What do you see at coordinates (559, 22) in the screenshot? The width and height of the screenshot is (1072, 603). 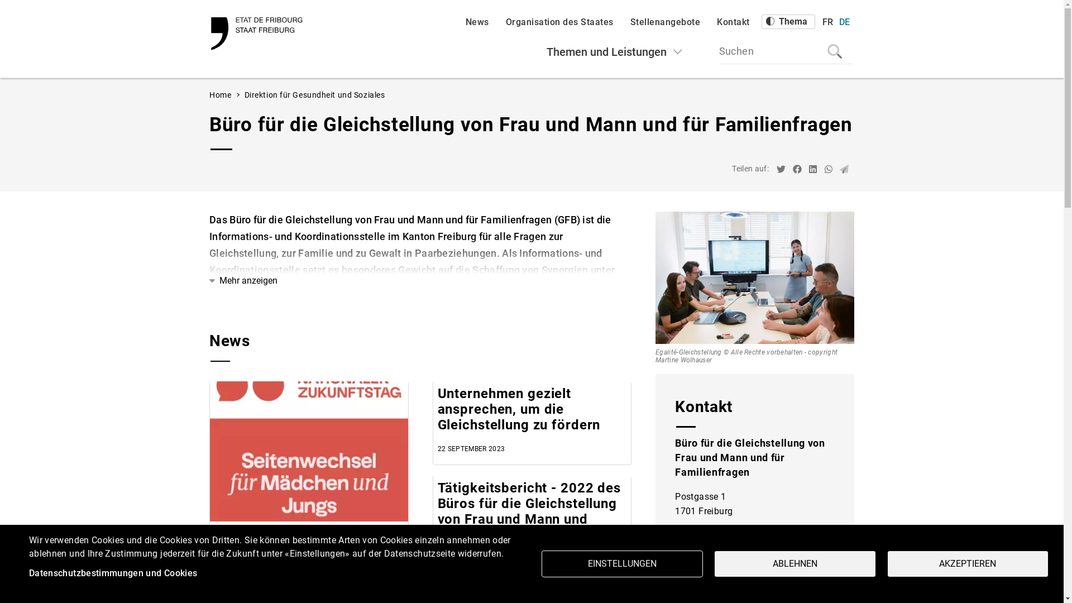 I see `'Organisation des Staates'` at bounding box center [559, 22].